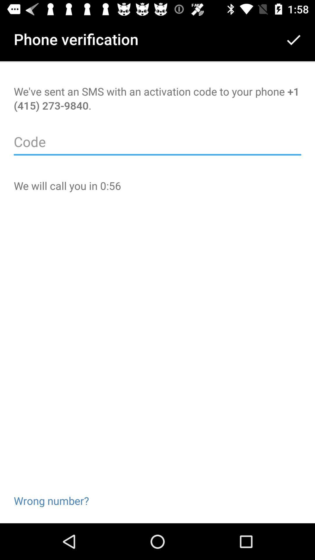 The image size is (315, 560). I want to click on the item below the we will call icon, so click(51, 491).